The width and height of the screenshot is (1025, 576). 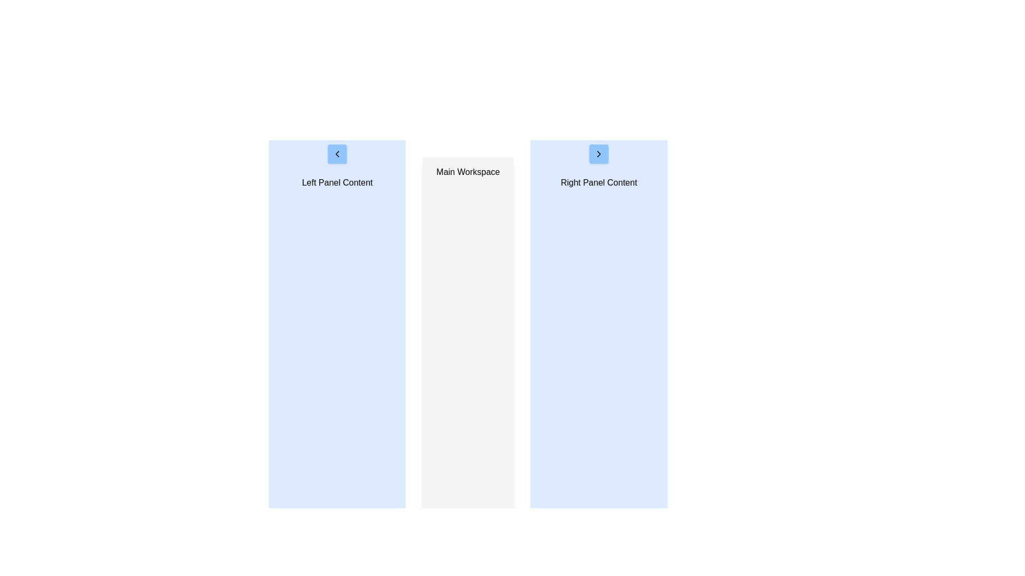 What do you see at coordinates (337, 182) in the screenshot?
I see `the static text label reading 'Left Panel Content', which is styled in a moderate-sized sans-serif font in black, located in the Left Panel, below an interactive left chevron arrow icon` at bounding box center [337, 182].